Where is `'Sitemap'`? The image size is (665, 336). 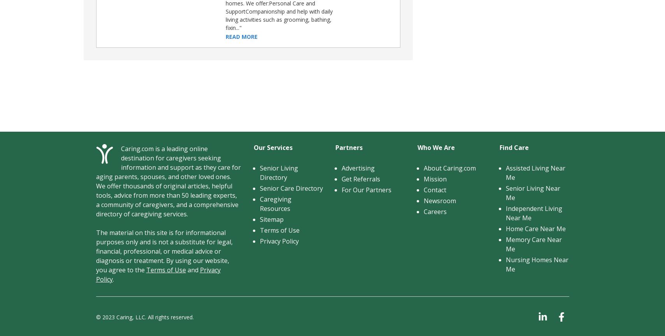
'Sitemap' is located at coordinates (271, 219).